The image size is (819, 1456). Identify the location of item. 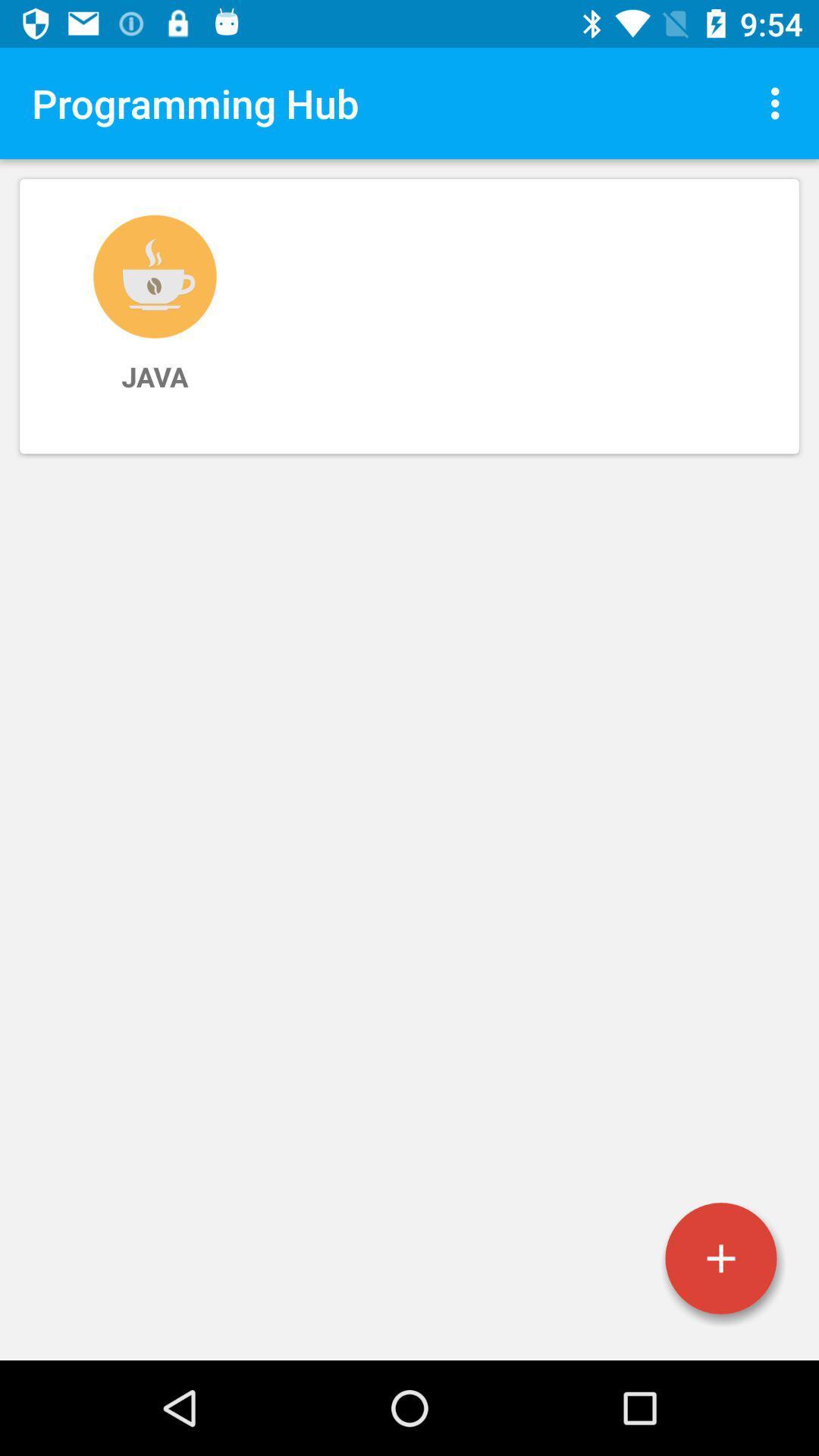
(720, 1258).